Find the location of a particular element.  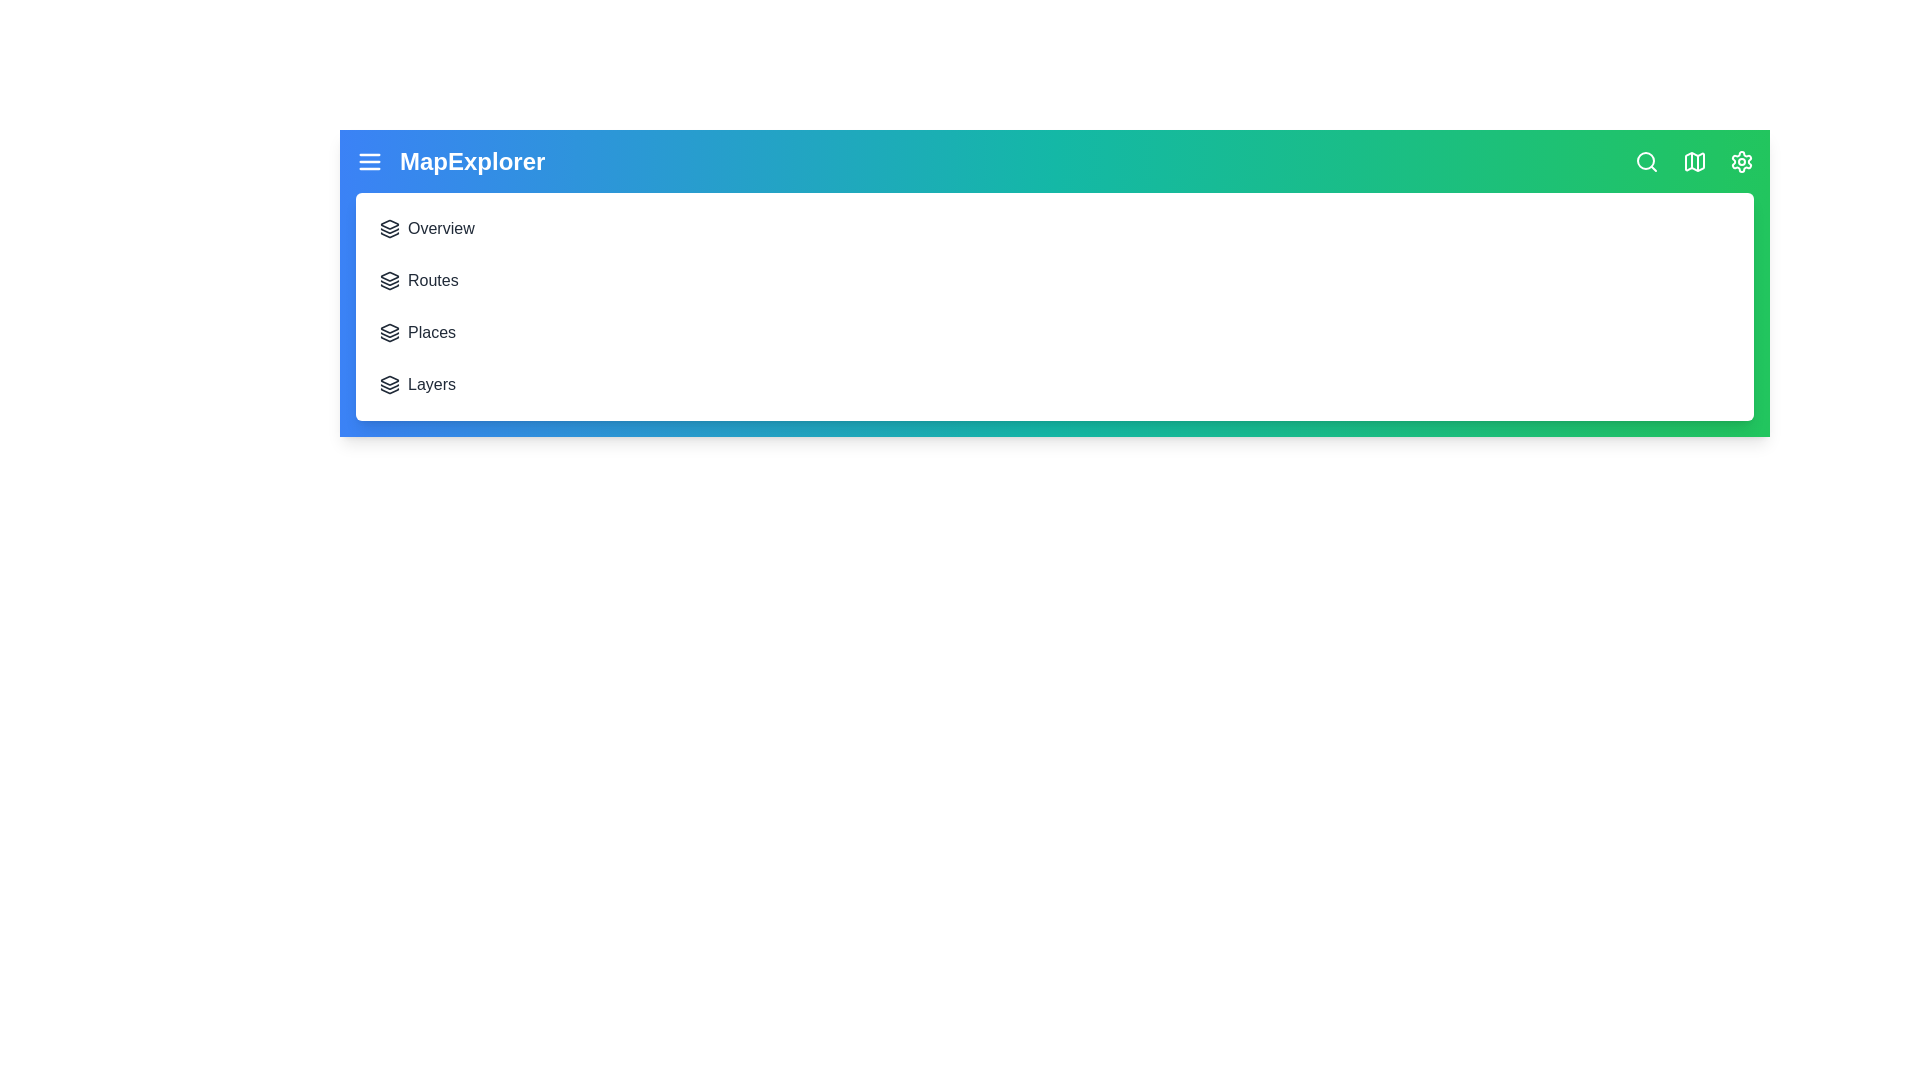

the menu item Routes to navigate to the corresponding section is located at coordinates (389, 280).